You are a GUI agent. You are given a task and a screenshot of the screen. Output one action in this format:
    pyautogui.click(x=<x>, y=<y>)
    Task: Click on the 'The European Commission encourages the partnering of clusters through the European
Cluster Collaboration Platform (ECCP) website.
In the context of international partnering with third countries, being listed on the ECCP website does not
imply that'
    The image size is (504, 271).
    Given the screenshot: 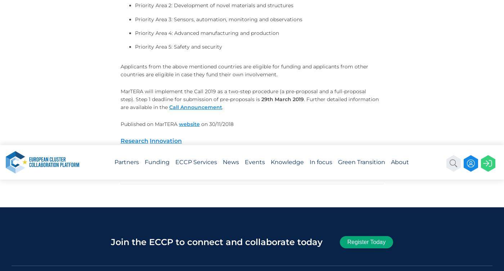 What is the action you would take?
    pyautogui.click(x=84, y=48)
    